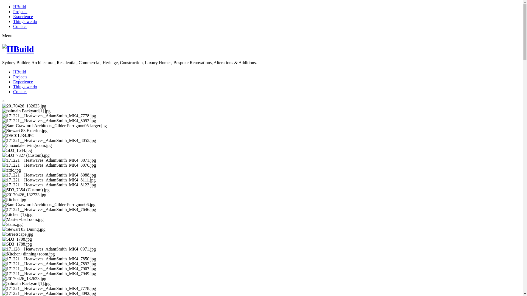 Image resolution: width=527 pixels, height=296 pixels. I want to click on 'Contact', so click(20, 91).